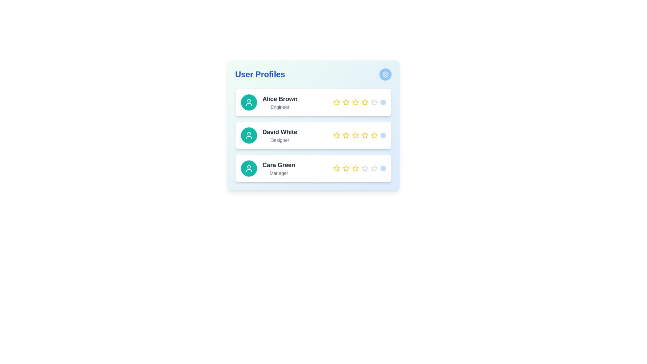 The image size is (647, 364). Describe the element at coordinates (280, 102) in the screenshot. I see `the Text Display showing 'Alice Brown' and 'Engineer', which is part of a user profile row and located to the right of a teal circular icon` at that location.